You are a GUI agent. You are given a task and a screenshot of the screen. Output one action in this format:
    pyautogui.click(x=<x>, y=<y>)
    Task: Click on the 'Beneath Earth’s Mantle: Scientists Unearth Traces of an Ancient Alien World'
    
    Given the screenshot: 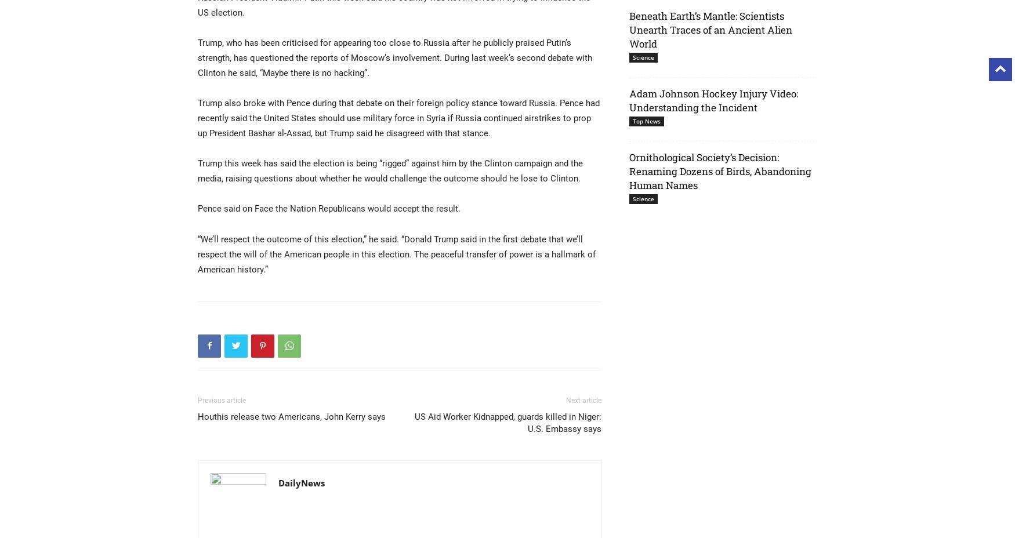 What is the action you would take?
    pyautogui.click(x=710, y=29)
    